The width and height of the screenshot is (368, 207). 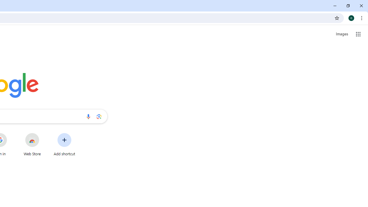 What do you see at coordinates (64, 144) in the screenshot?
I see `'Add shortcut'` at bounding box center [64, 144].